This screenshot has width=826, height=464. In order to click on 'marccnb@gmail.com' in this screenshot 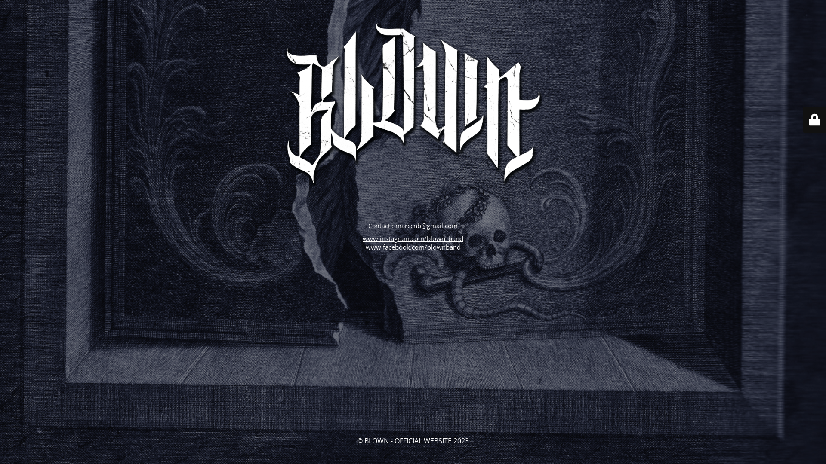, I will do `click(426, 225)`.